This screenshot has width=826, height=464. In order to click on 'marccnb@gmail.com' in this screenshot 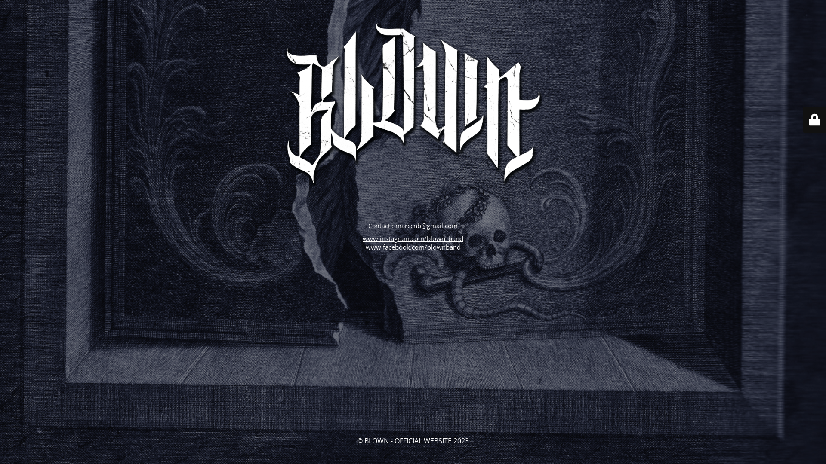, I will do `click(426, 225)`.